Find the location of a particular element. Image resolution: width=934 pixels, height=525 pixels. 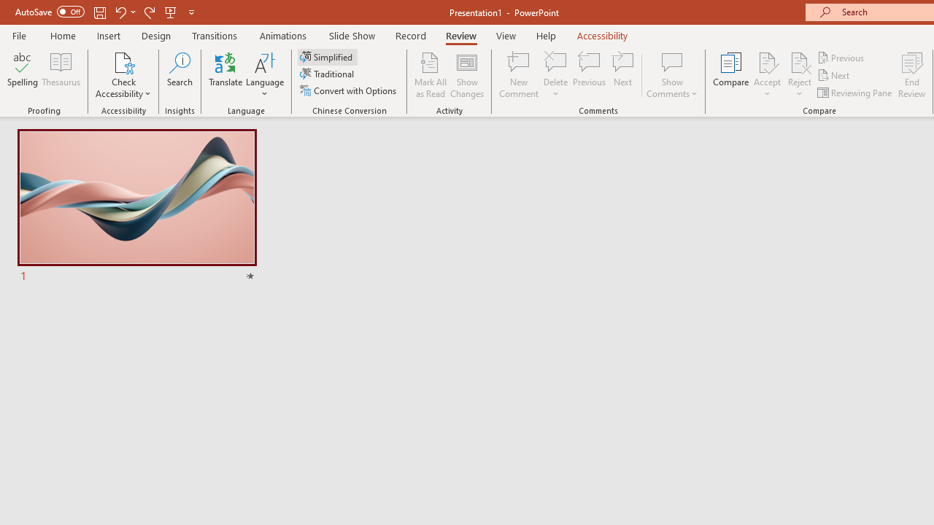

'Delete' is located at coordinates (555, 75).